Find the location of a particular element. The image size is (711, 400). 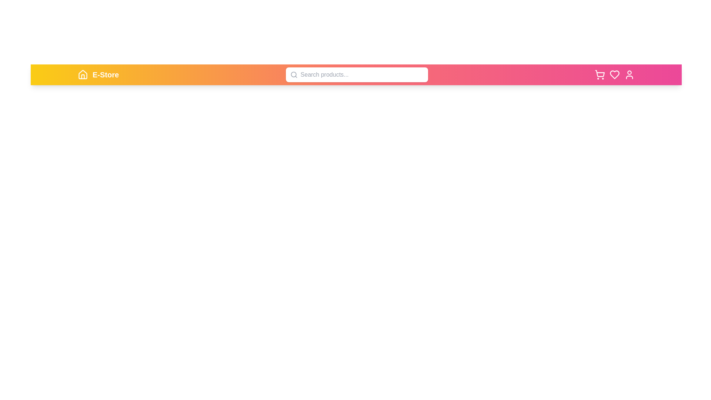

the shopping cart icon to observe its hover effect is located at coordinates (600, 74).